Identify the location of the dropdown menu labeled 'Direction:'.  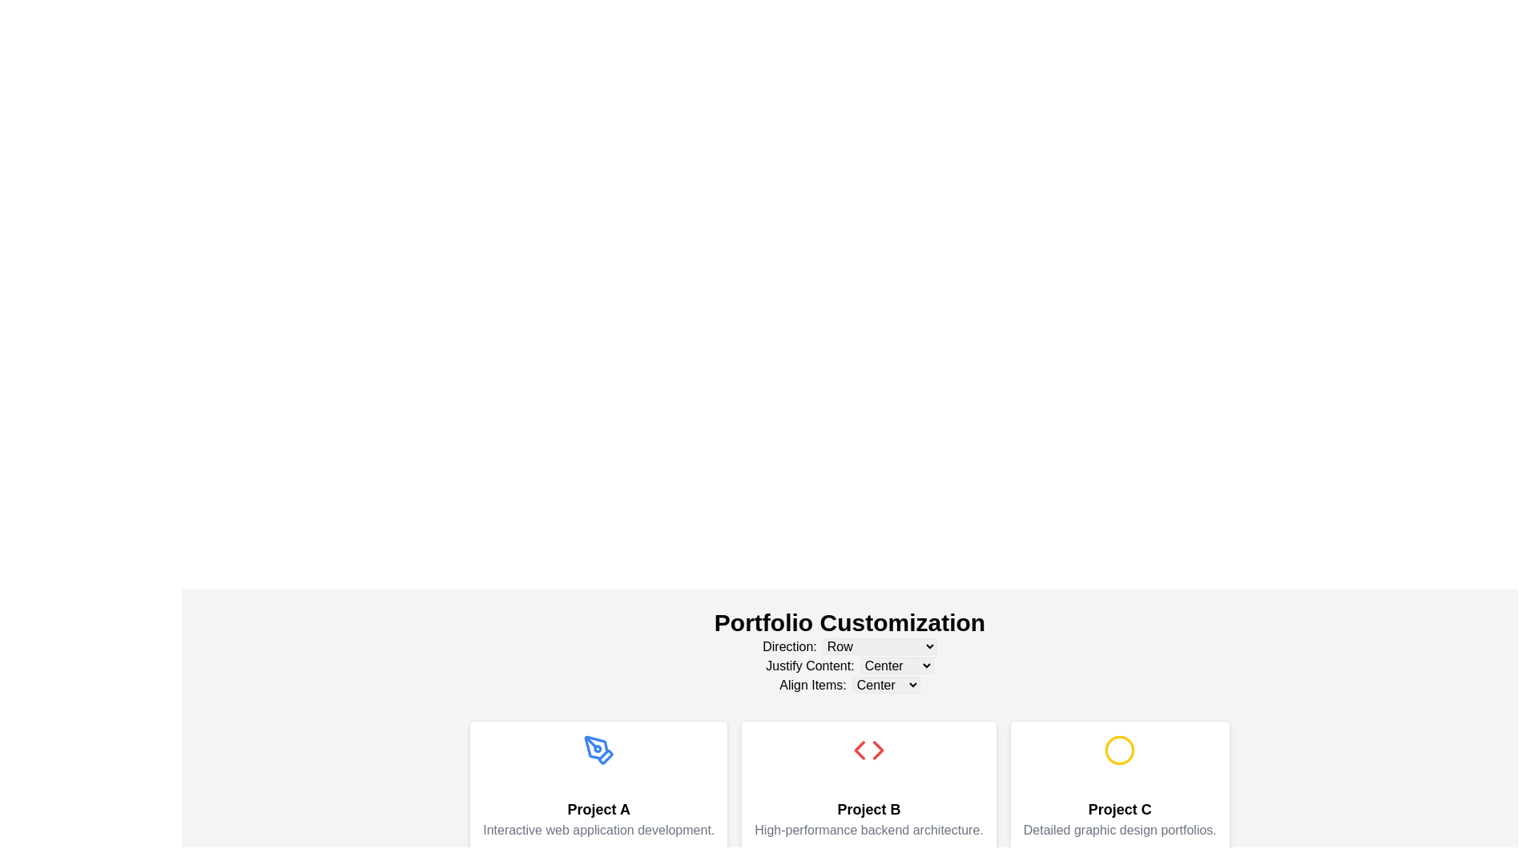
(848, 646).